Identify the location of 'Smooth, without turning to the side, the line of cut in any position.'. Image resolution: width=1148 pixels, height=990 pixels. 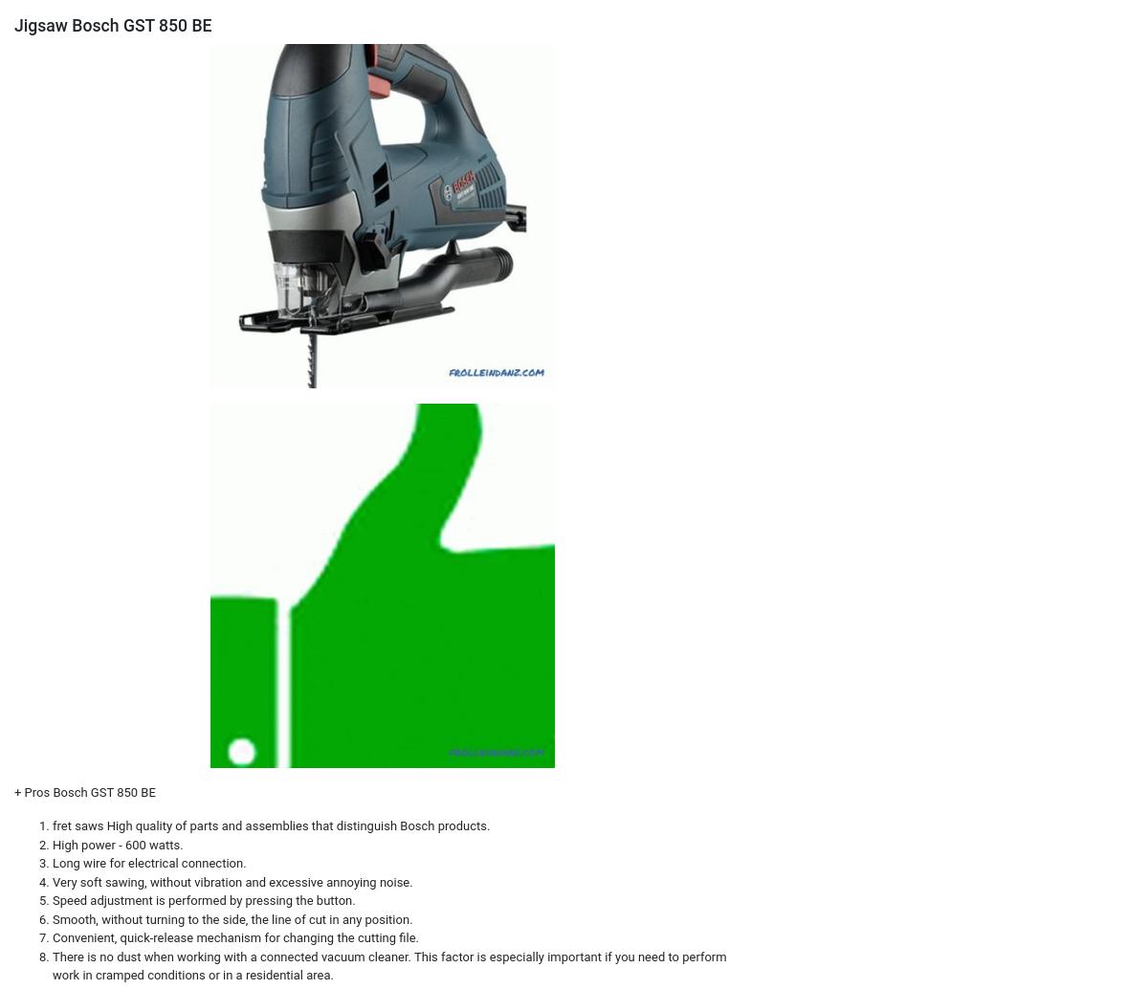
(232, 917).